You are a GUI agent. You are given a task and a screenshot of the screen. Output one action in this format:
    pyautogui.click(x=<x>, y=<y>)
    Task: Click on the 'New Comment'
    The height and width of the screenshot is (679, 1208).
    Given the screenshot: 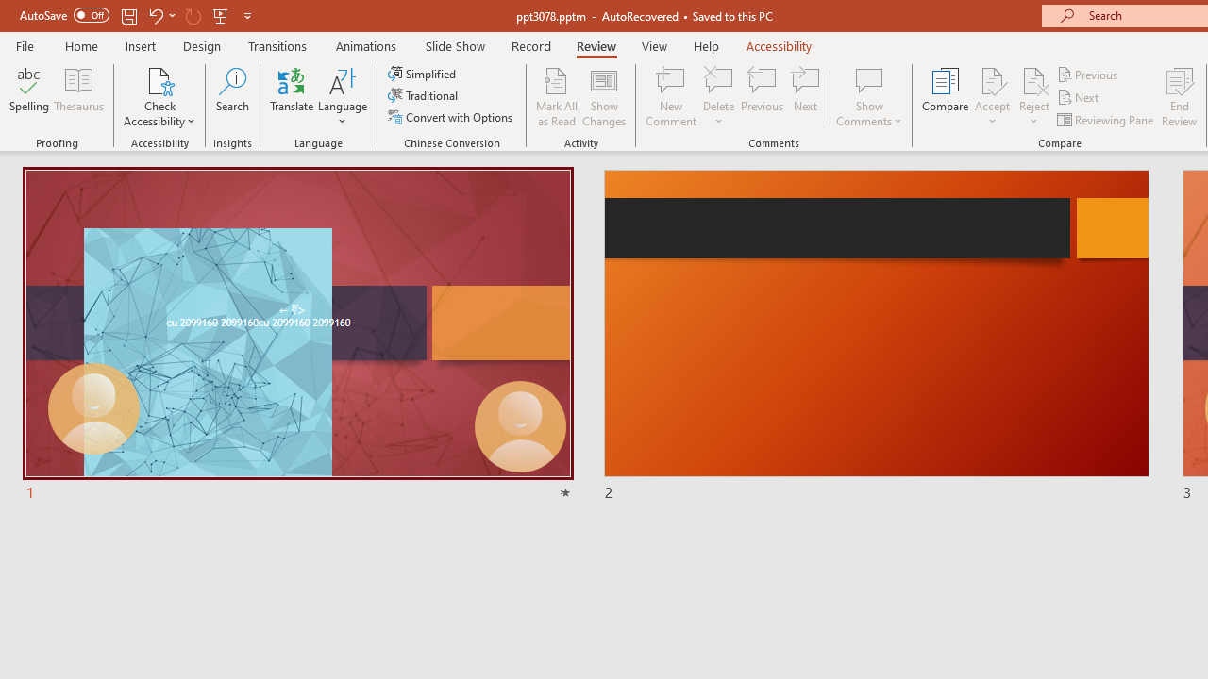 What is the action you would take?
    pyautogui.click(x=671, y=97)
    